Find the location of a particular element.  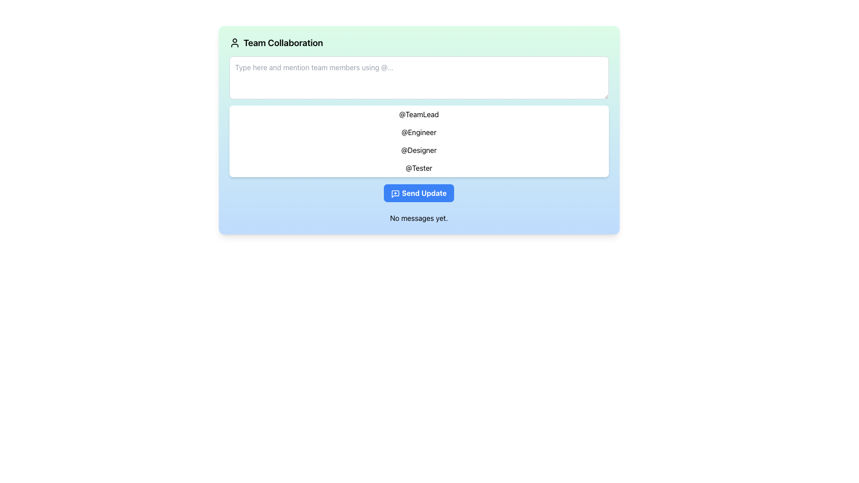

the user icon, which is a simple outline of a person with a circular head and body shape, located to the left of the 'Team Collaboration' text is located at coordinates (234, 43).